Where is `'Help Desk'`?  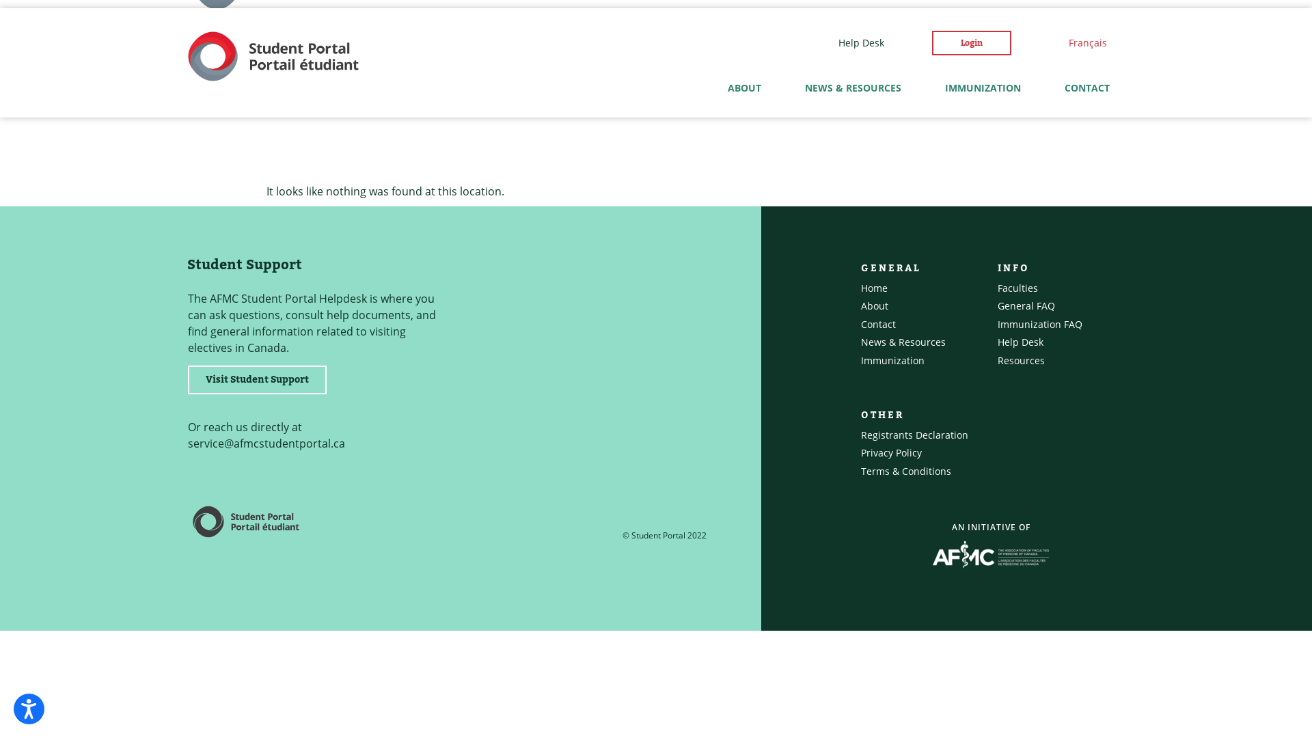 'Help Desk' is located at coordinates (1020, 341).